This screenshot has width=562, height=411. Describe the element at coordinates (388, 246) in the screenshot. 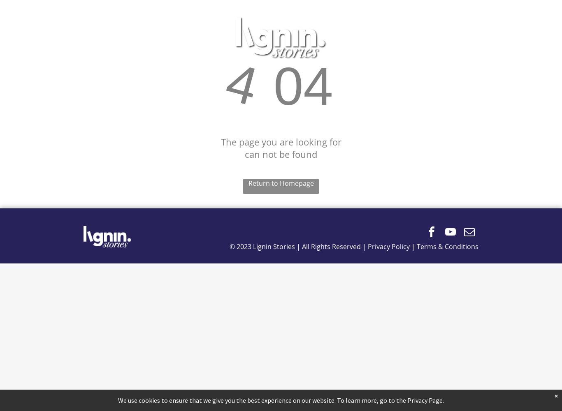

I see `'Privacy Policy'` at that location.